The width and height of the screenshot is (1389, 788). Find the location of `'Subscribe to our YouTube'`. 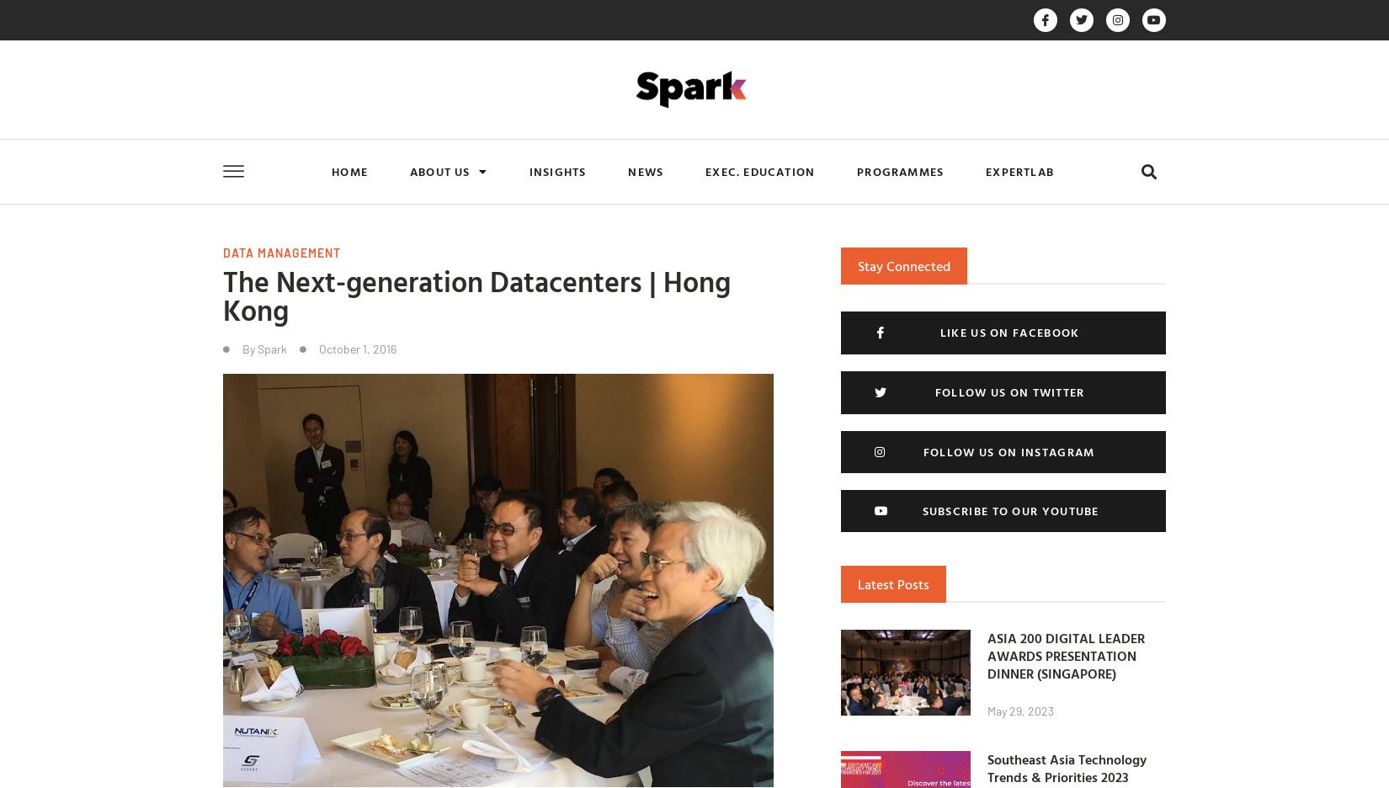

'Subscribe to our YouTube' is located at coordinates (921, 510).